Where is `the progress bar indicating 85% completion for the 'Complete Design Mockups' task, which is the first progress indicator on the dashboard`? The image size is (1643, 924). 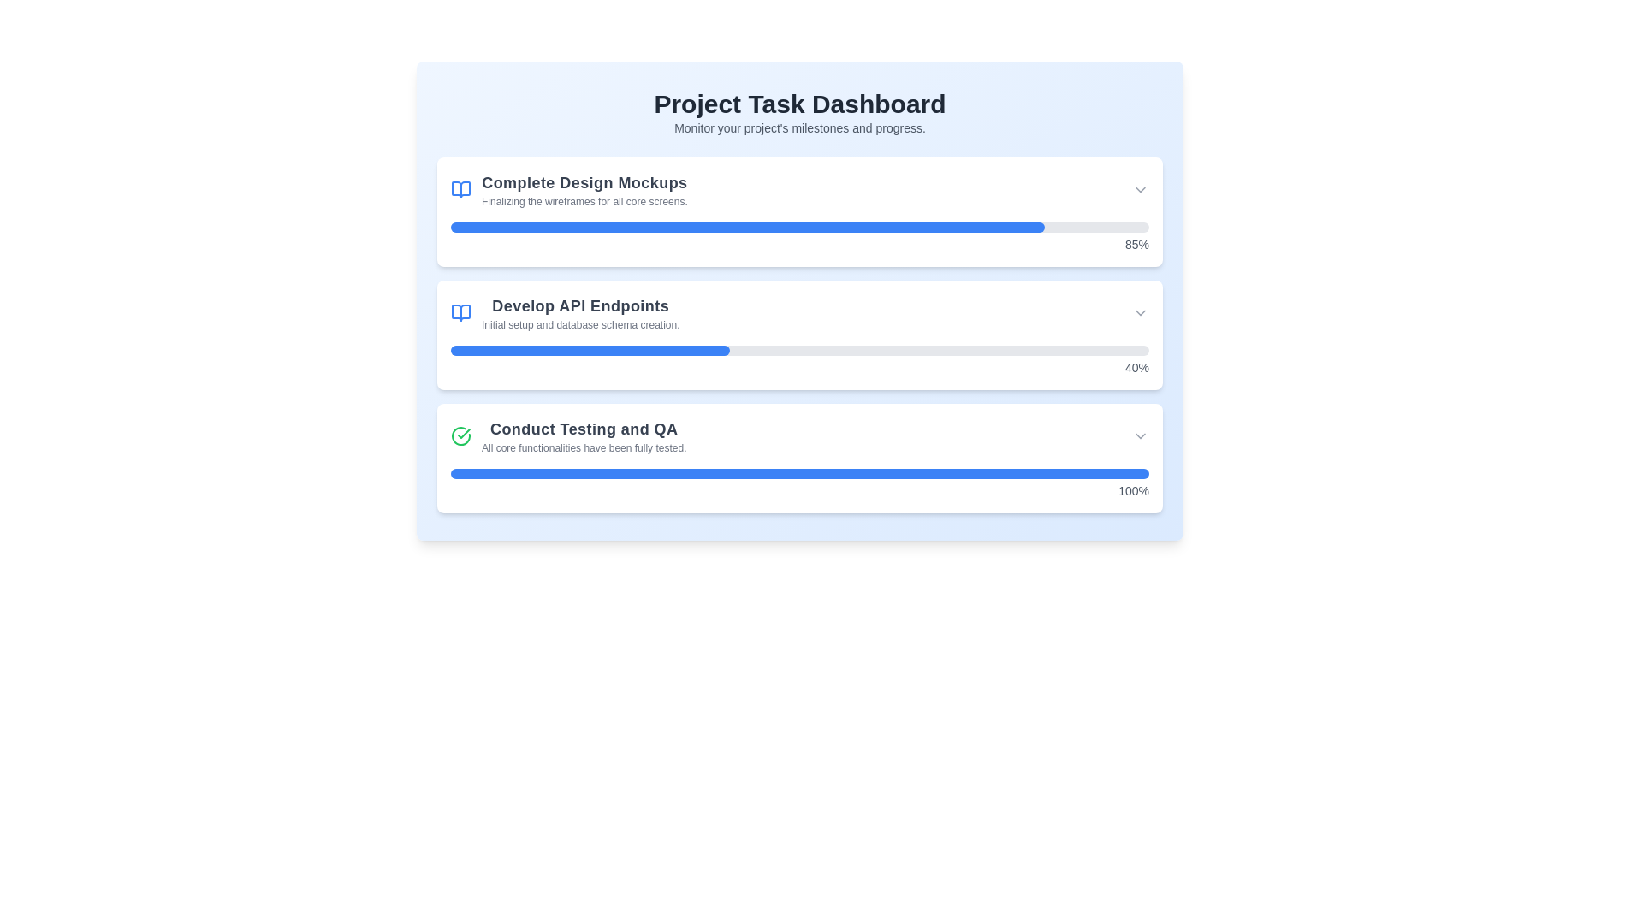
the progress bar indicating 85% completion for the 'Complete Design Mockups' task, which is the first progress indicator on the dashboard is located at coordinates (799, 227).